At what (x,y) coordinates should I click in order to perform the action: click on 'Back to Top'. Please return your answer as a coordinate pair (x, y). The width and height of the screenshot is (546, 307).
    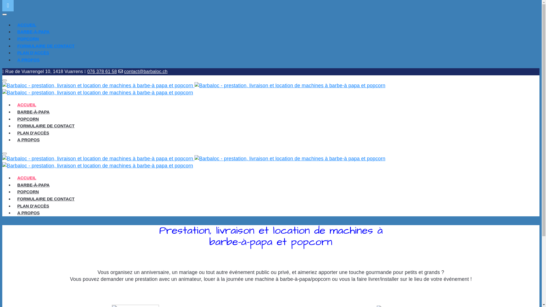
    Looking at the image, I should click on (8, 5).